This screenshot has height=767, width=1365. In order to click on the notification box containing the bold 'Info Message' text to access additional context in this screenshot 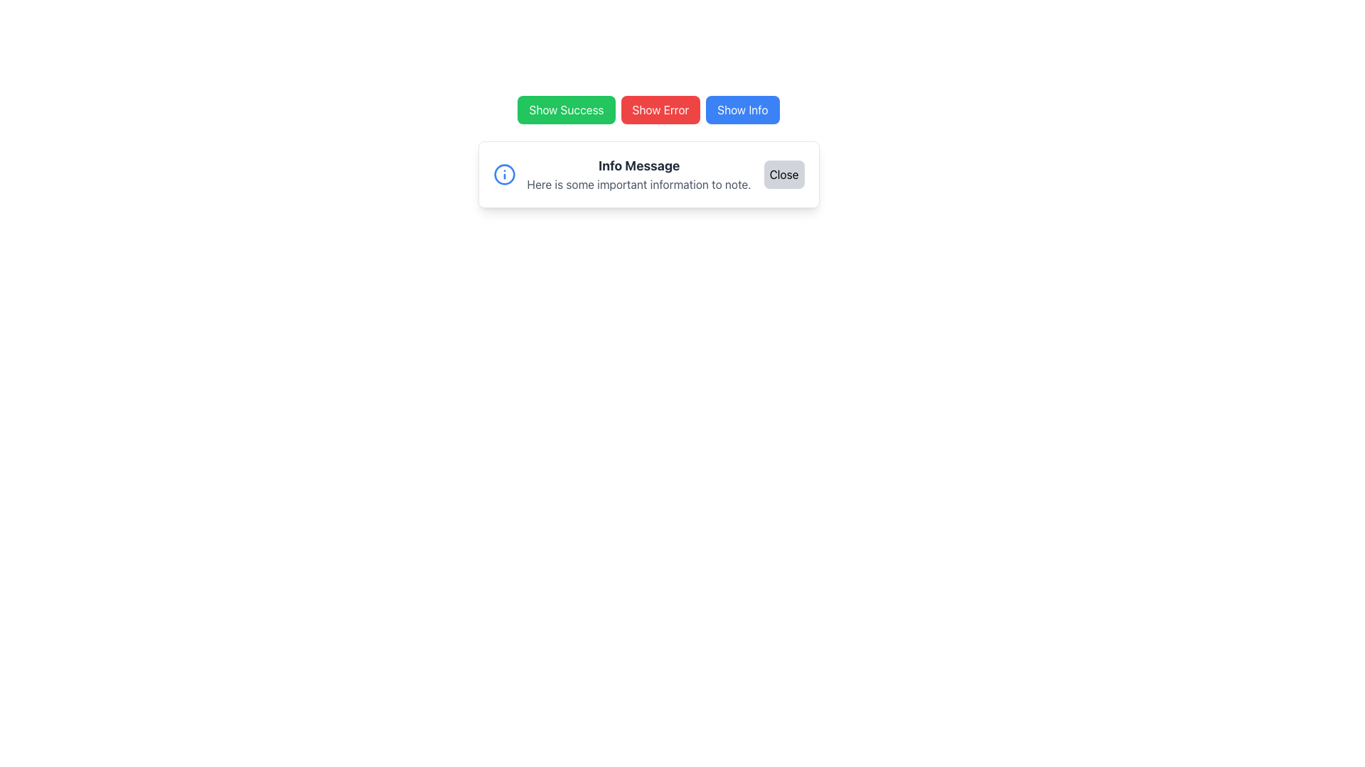, I will do `click(638, 165)`.